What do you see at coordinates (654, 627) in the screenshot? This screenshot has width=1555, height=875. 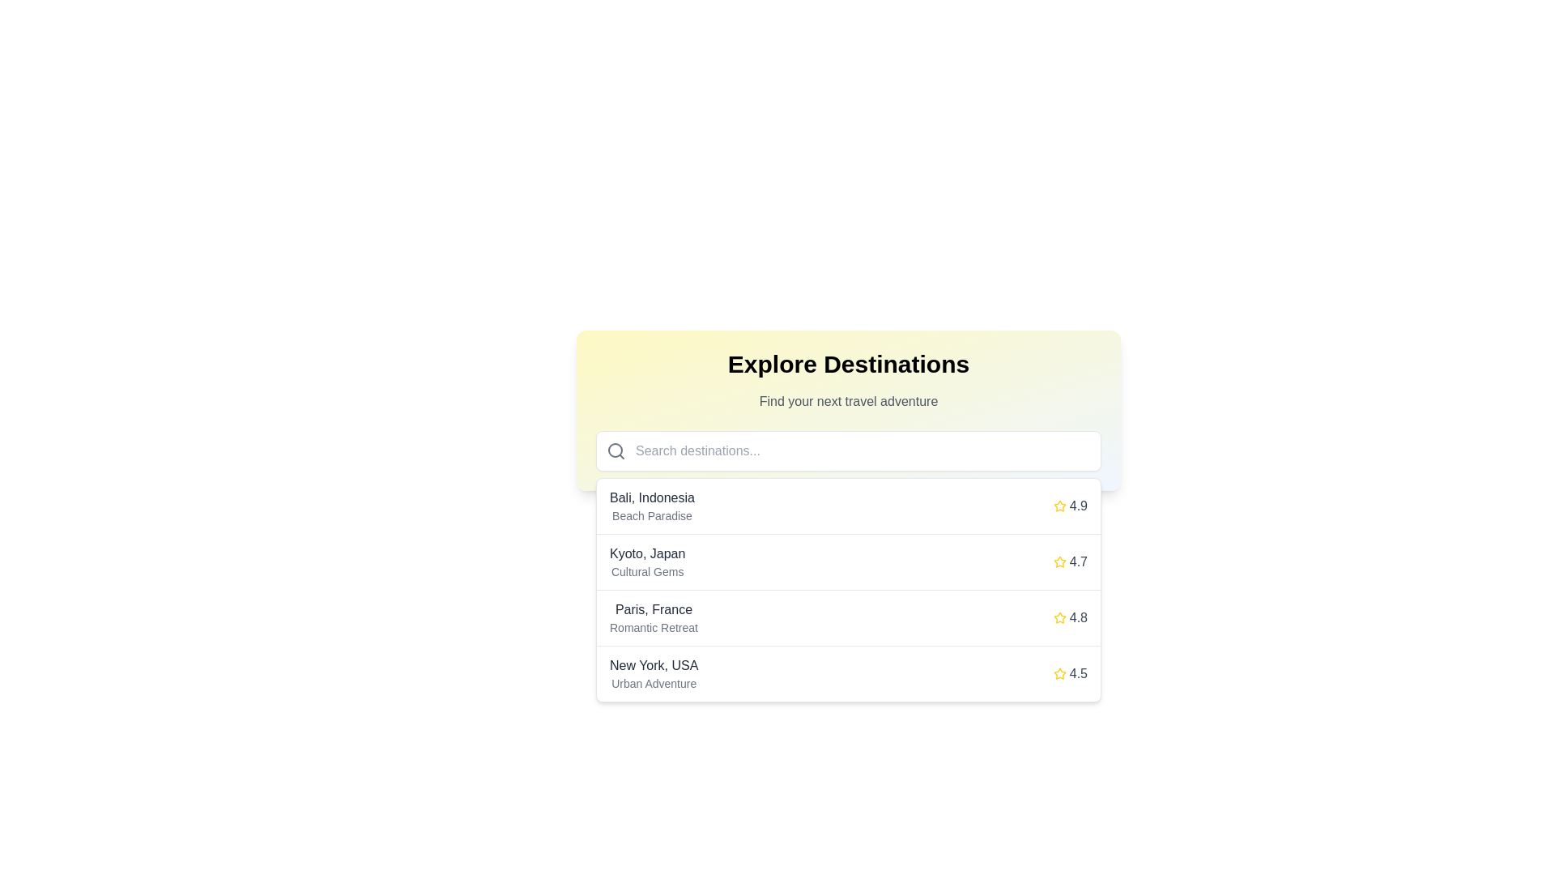 I see `text content of the label displaying 'Romantic Retreat', which is located beneath 'Paris, France' in the third item of a vertical list` at bounding box center [654, 627].